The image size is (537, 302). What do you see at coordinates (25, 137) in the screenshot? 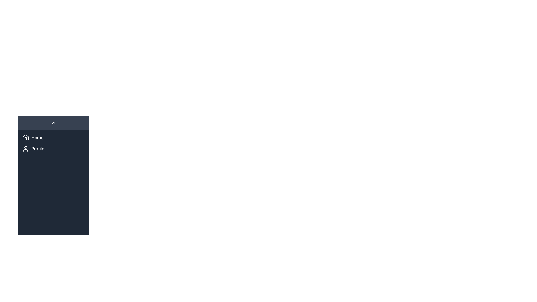
I see `the 'Home' icon located in the left sidebar near the top` at bounding box center [25, 137].